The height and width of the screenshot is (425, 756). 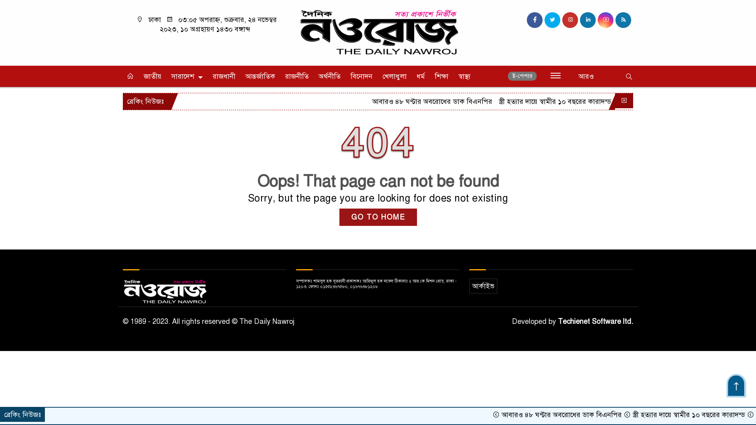 I want to click on 'GO TO HOME', so click(x=339, y=217).